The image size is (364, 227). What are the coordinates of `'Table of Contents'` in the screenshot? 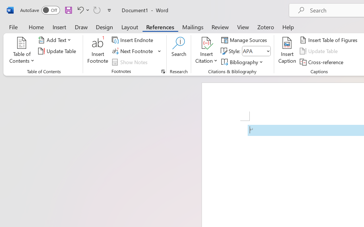 It's located at (22, 51).